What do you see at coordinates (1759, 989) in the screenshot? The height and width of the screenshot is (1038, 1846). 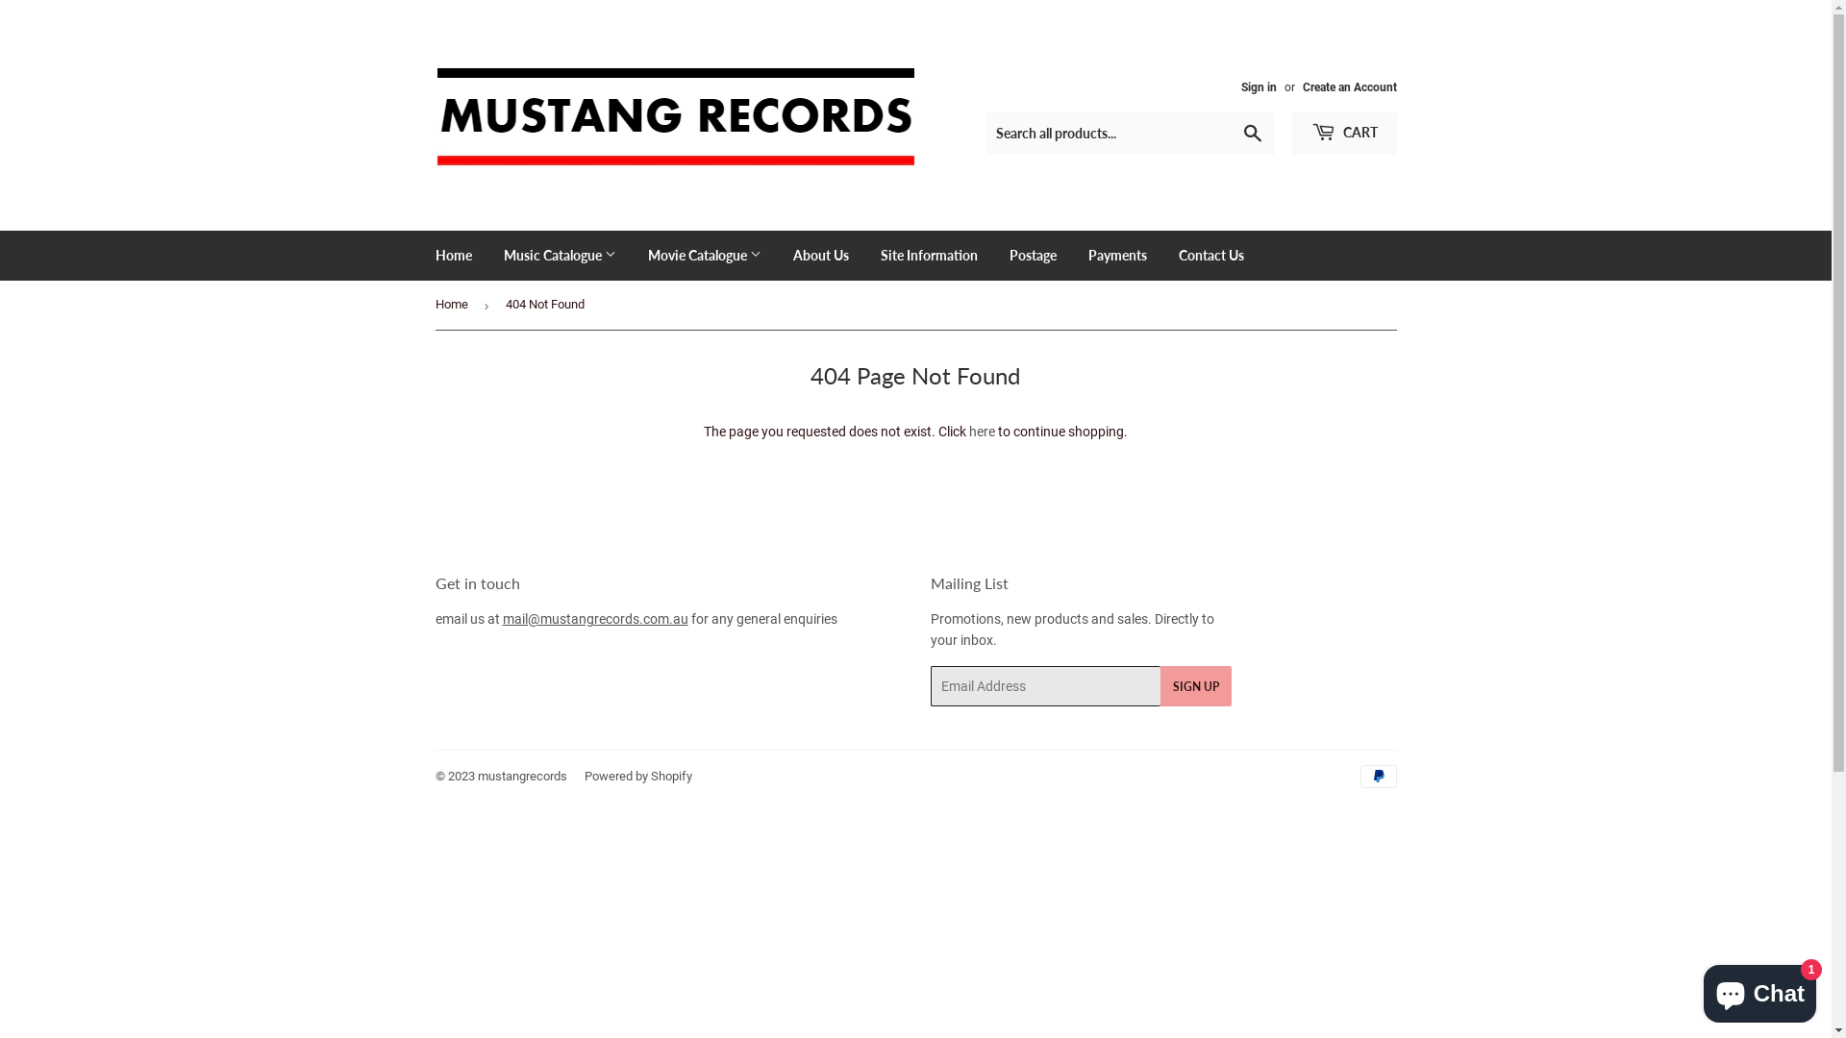 I see `'Shopify online store chat'` at bounding box center [1759, 989].